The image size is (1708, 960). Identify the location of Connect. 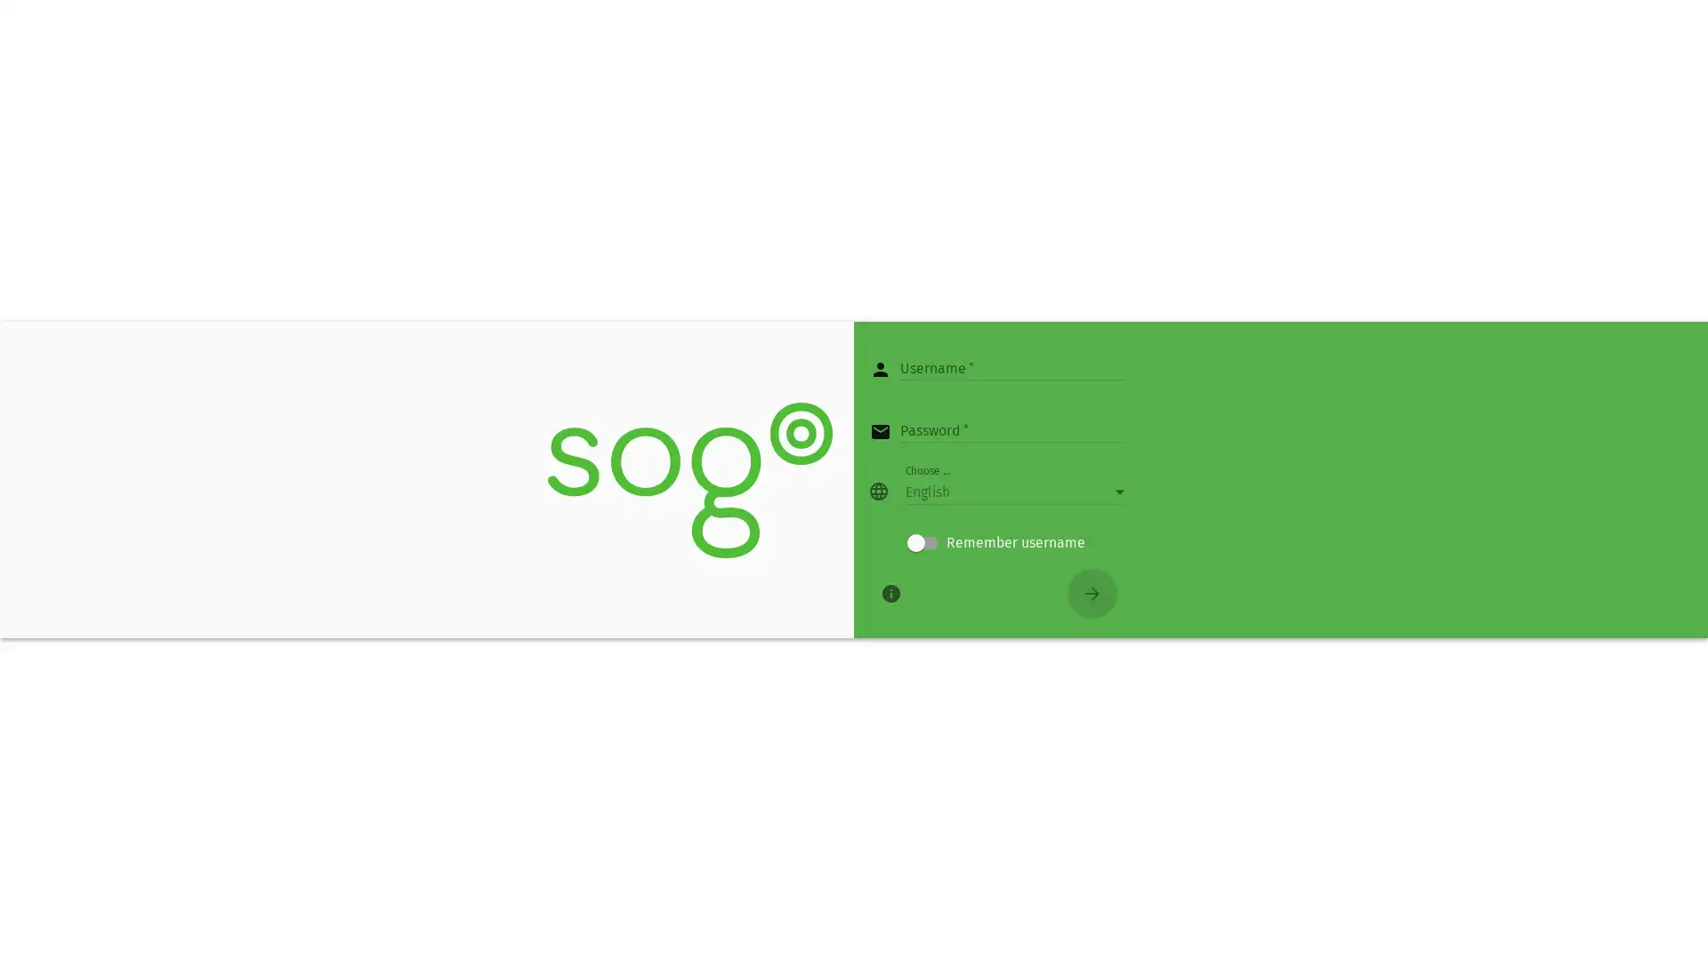
(1092, 593).